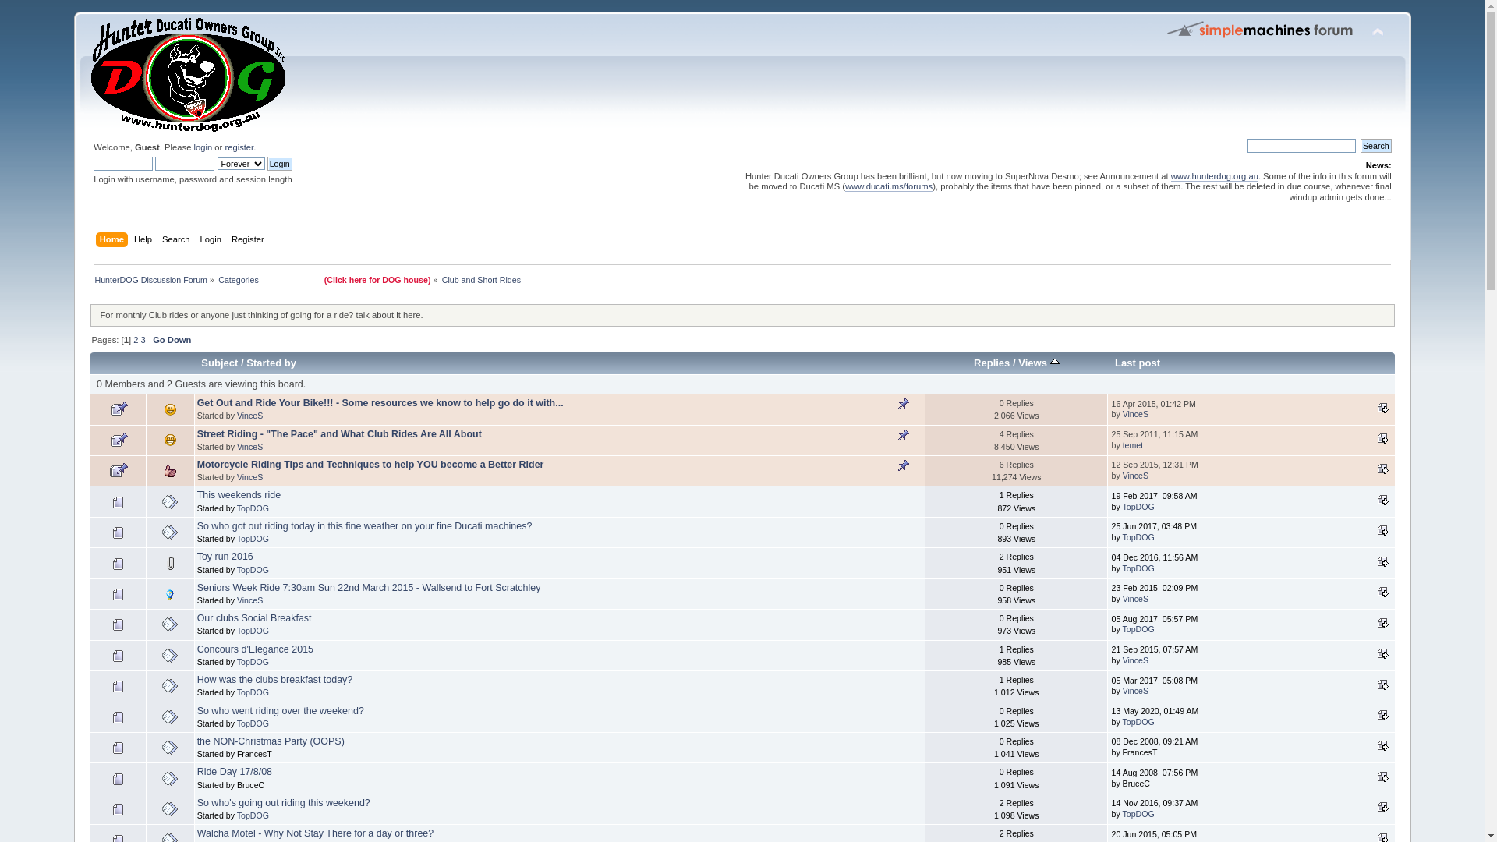 This screenshot has height=842, width=1497. What do you see at coordinates (238, 147) in the screenshot?
I see `'register'` at bounding box center [238, 147].